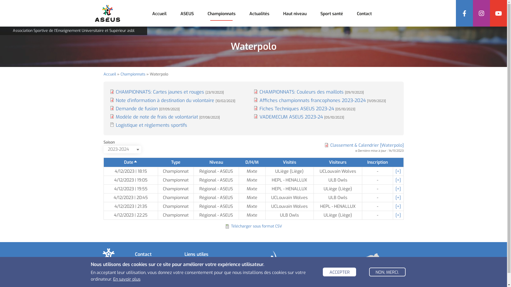 This screenshot has height=287, width=511. Describe the element at coordinates (252, 162) in the screenshot. I see `'D/H/M'` at that location.